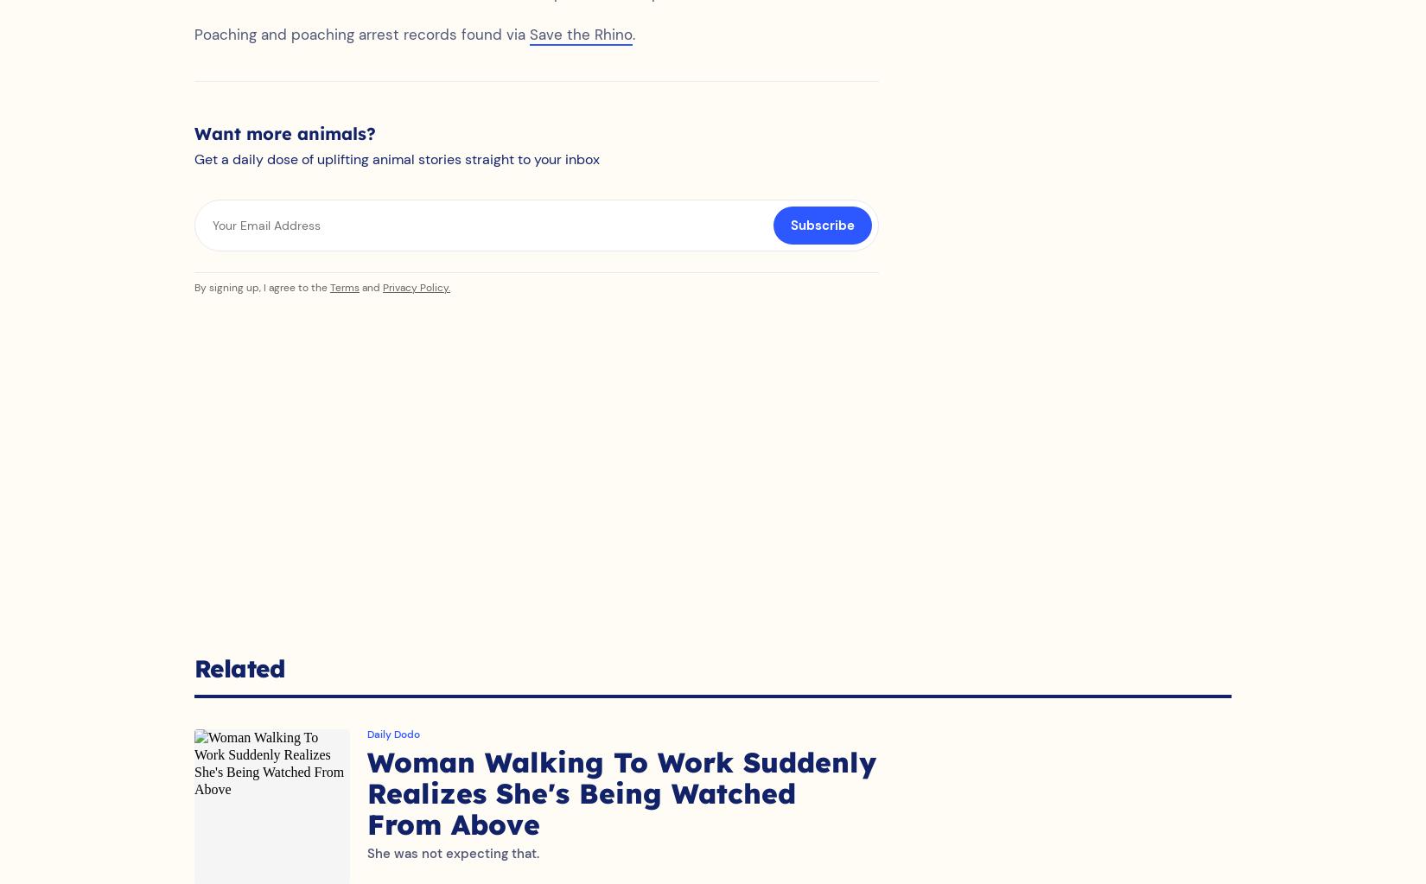  Describe the element at coordinates (633, 51) in the screenshot. I see `'.'` at that location.